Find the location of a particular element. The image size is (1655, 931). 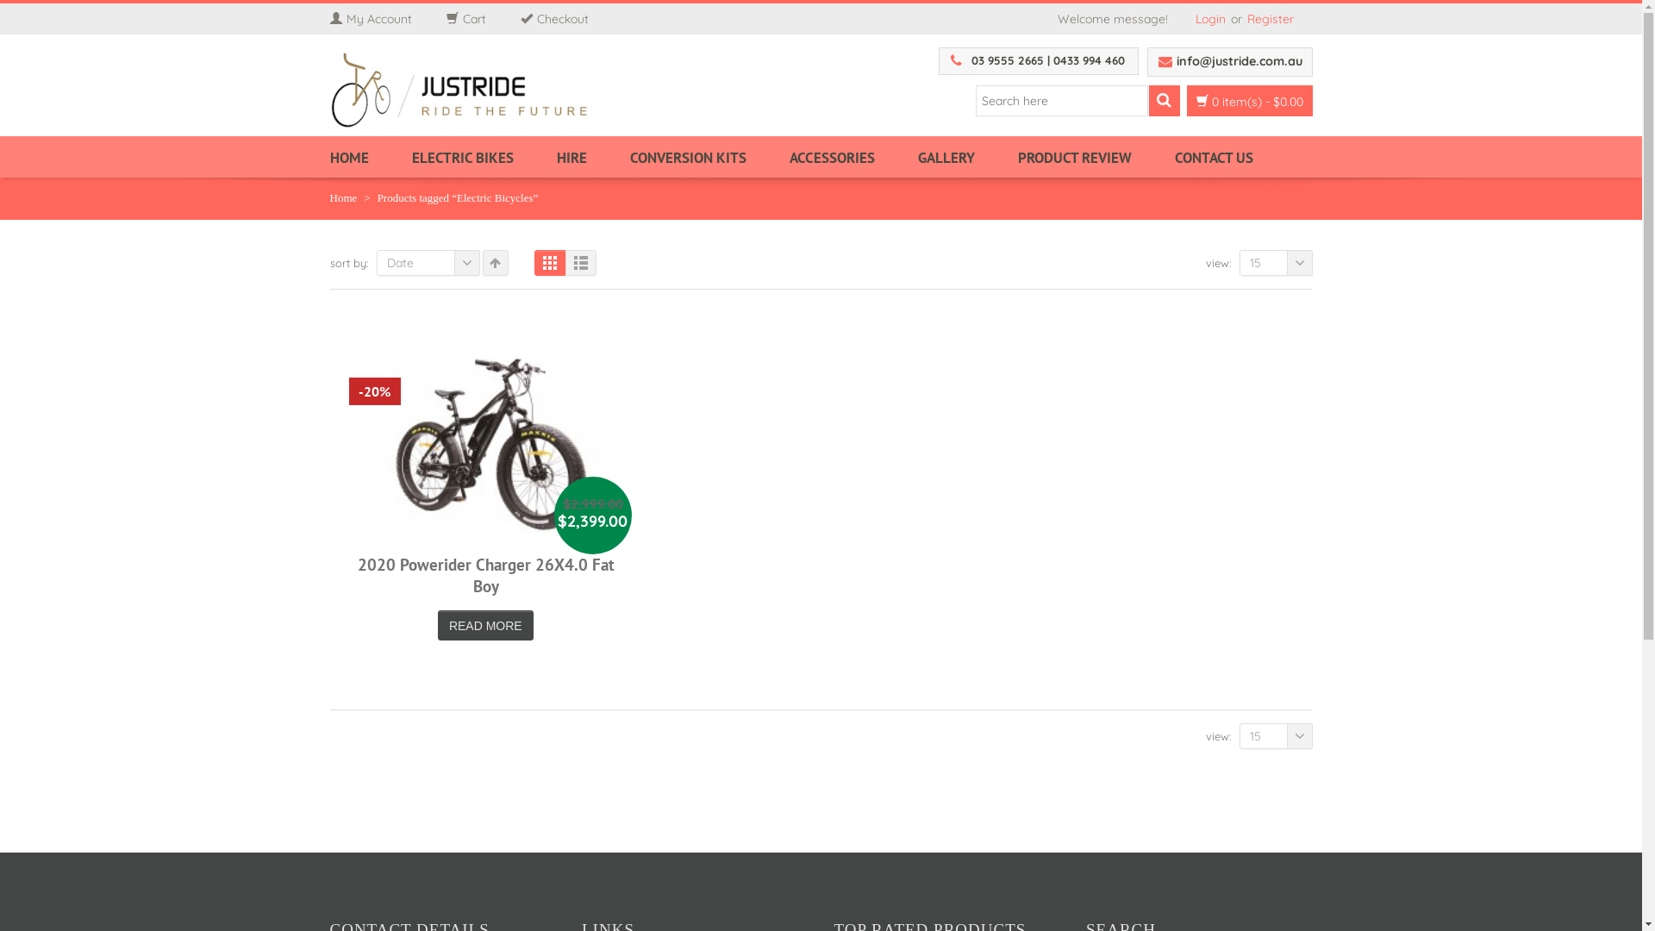

'CONTACT US' is located at coordinates (1223, 156).